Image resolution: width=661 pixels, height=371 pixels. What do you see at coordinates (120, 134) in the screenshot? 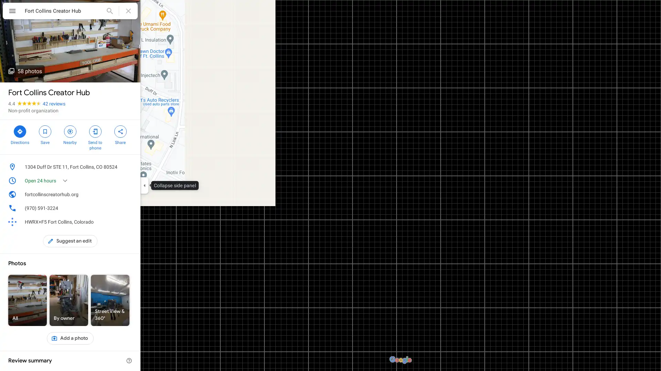
I see `Share Fort Collins Creator Hub` at bounding box center [120, 134].